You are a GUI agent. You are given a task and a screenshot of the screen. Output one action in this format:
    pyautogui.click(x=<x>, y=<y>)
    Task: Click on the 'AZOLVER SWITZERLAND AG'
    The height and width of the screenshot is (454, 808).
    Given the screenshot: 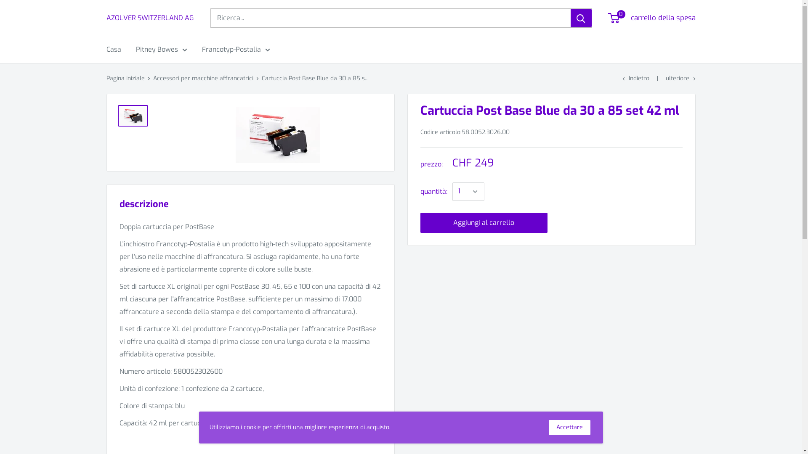 What is the action you would take?
    pyautogui.click(x=149, y=18)
    